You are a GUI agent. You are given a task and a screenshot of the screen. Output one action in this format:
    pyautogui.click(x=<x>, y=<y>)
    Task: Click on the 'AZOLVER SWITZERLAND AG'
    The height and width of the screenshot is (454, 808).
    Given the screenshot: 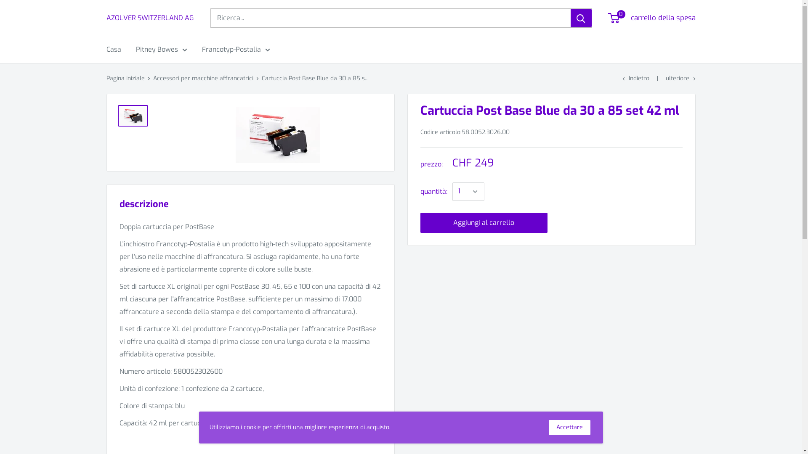 What is the action you would take?
    pyautogui.click(x=149, y=18)
    